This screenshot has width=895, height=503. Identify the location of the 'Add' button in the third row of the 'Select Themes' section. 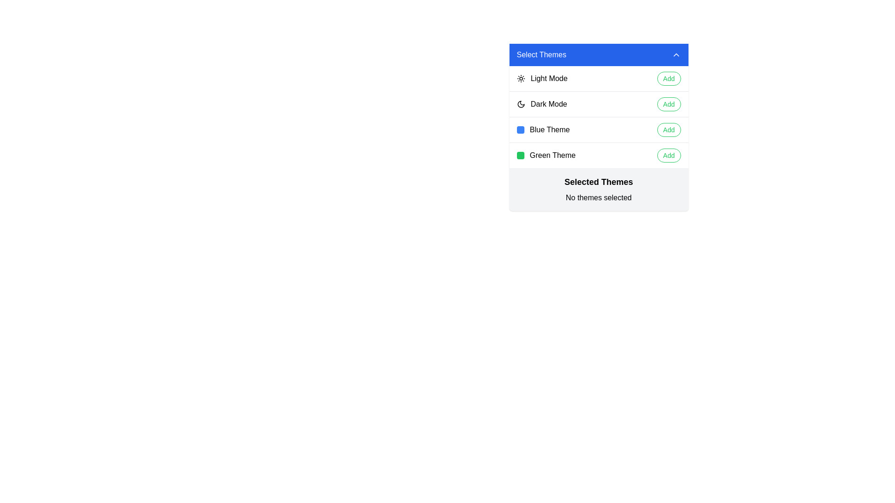
(599, 129).